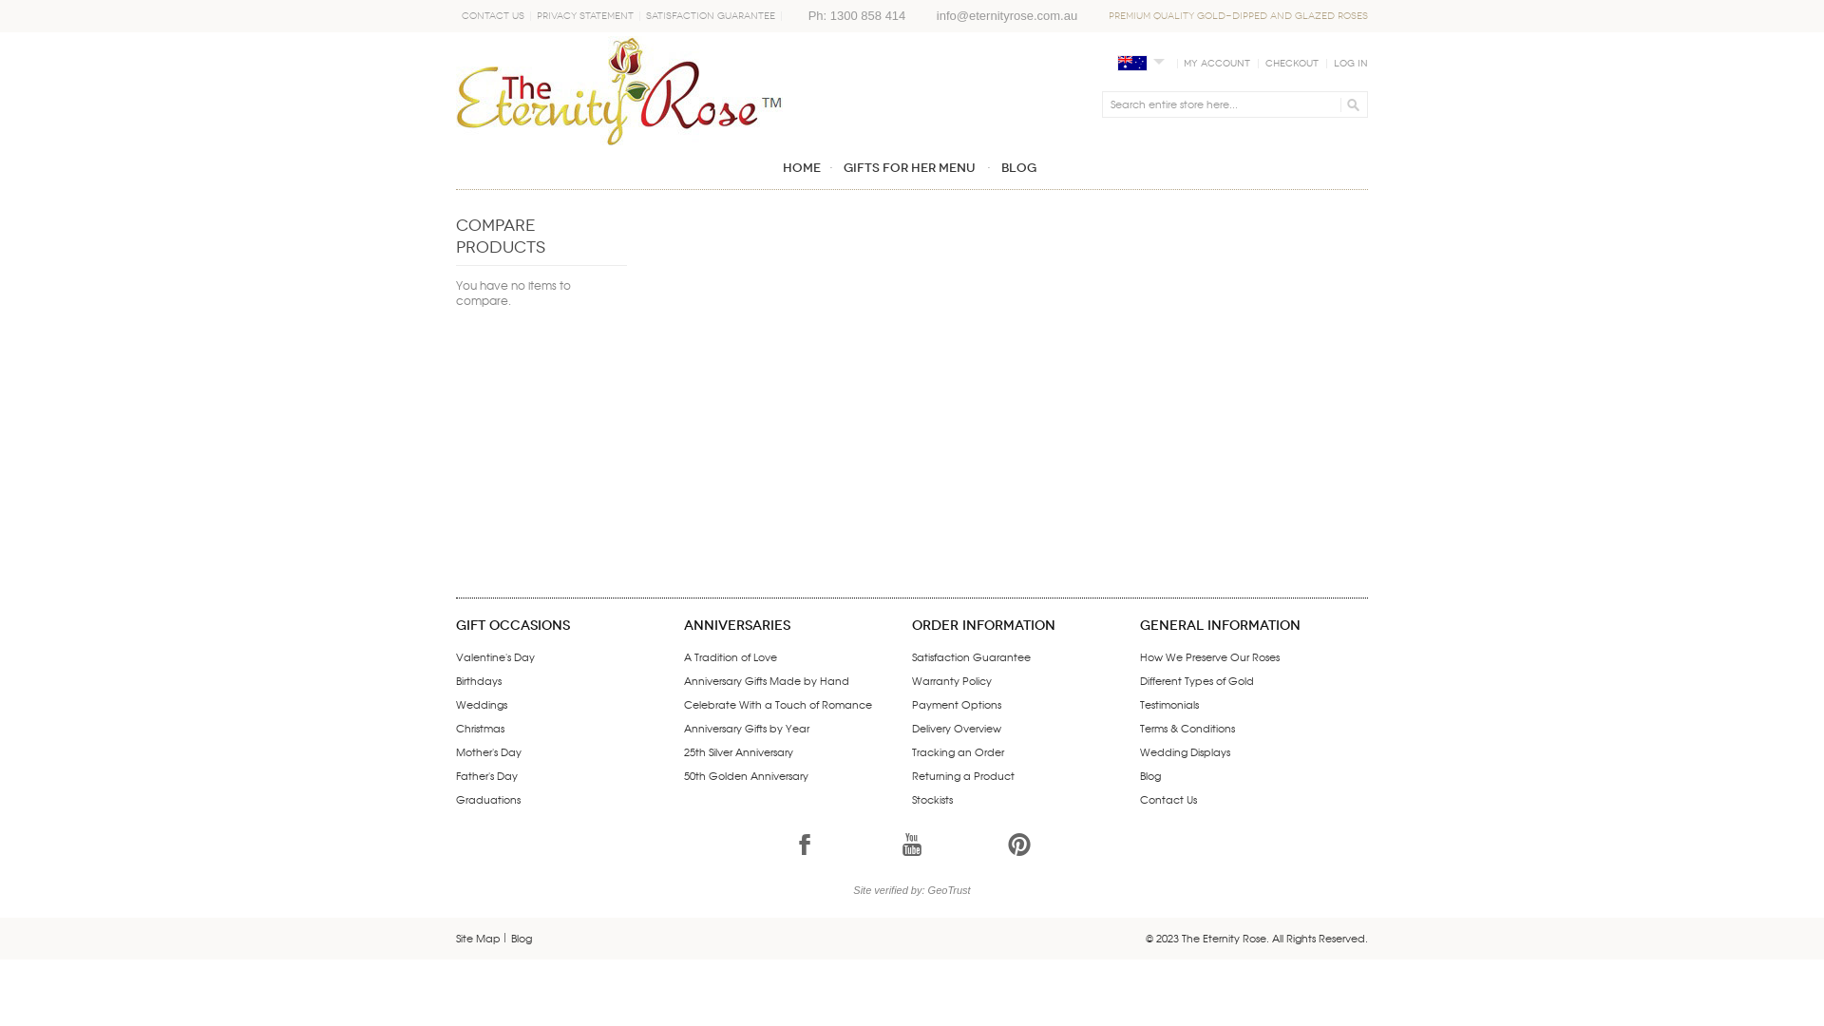 This screenshot has height=1026, width=1824. What do you see at coordinates (952, 679) in the screenshot?
I see `'Warranty Policy'` at bounding box center [952, 679].